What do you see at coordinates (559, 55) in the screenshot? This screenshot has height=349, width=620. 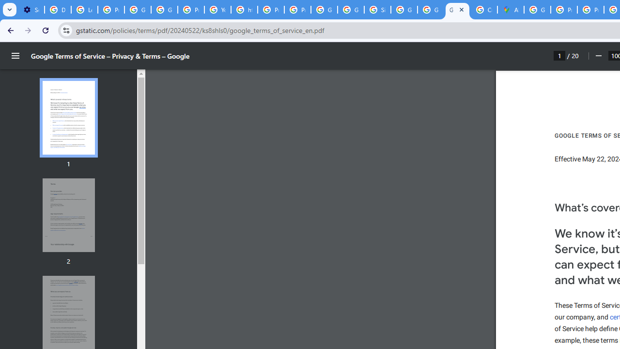 I see `'Page number'` at bounding box center [559, 55].